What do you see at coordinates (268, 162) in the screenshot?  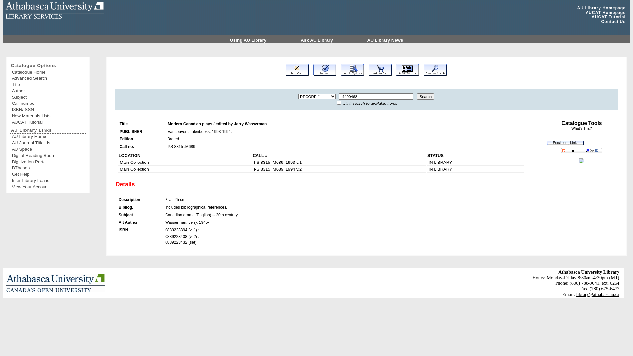 I see `'PS 8315 .M689'` at bounding box center [268, 162].